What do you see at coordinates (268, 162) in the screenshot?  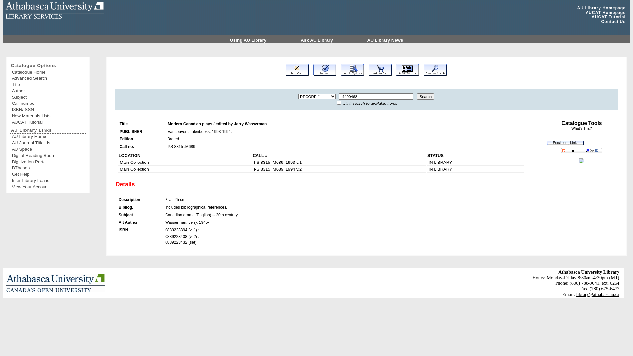 I see `'PS 8315 .M689'` at bounding box center [268, 162].